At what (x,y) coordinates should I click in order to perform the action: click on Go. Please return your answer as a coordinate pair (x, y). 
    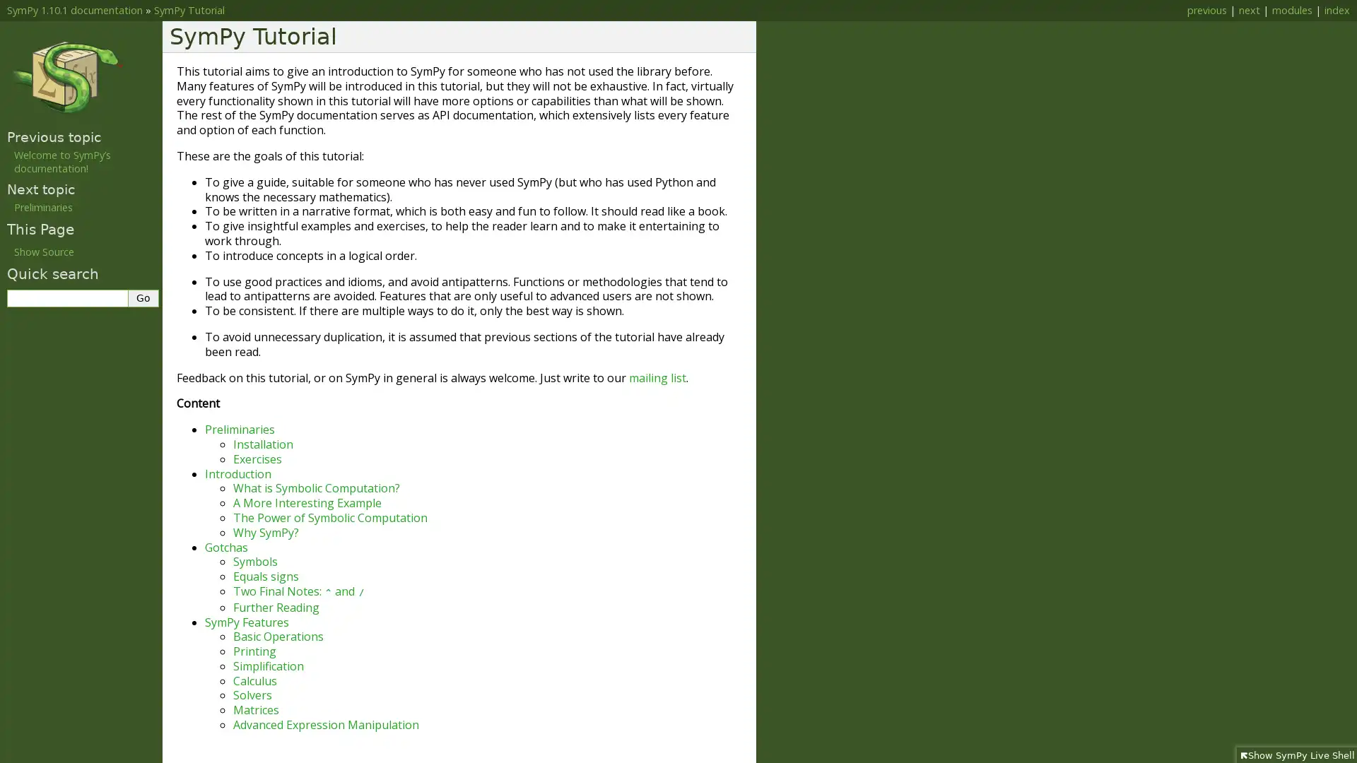
    Looking at the image, I should click on (143, 297).